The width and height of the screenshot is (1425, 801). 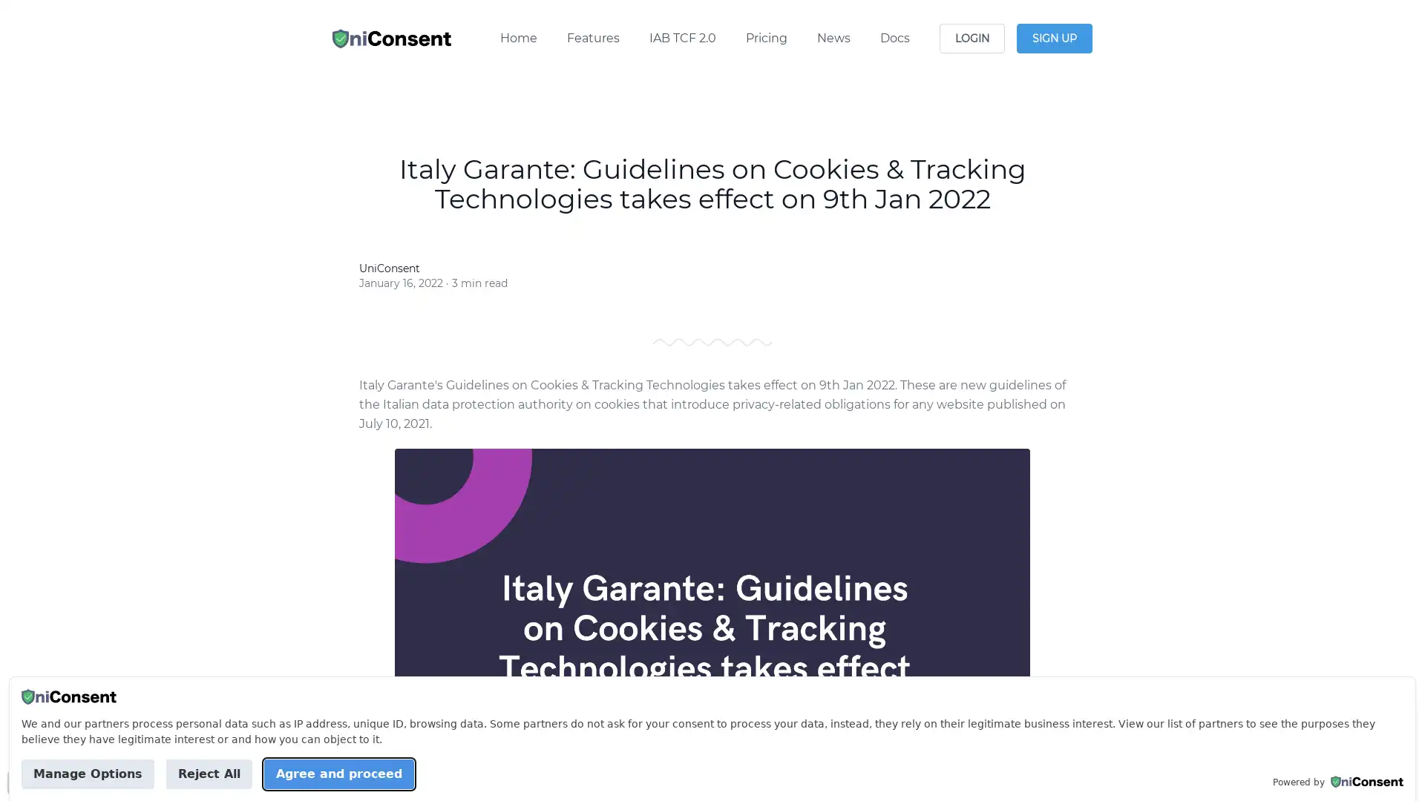 What do you see at coordinates (338, 774) in the screenshot?
I see `Agree and proceed` at bounding box center [338, 774].